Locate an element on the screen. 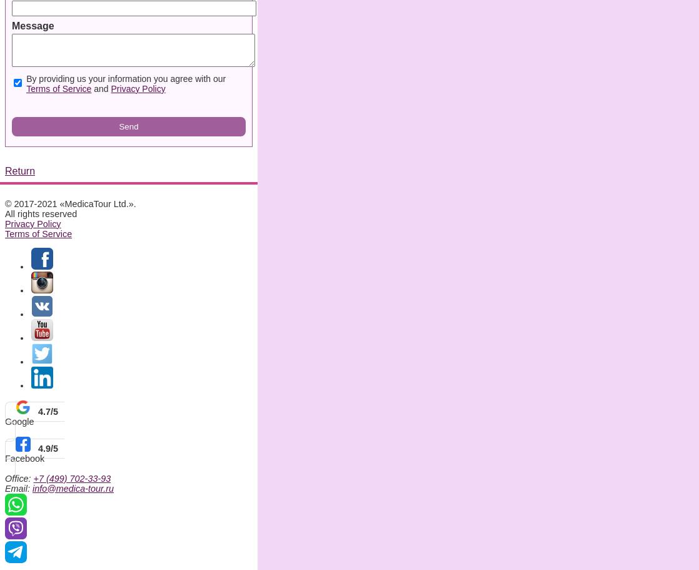  'Google' is located at coordinates (5, 420).